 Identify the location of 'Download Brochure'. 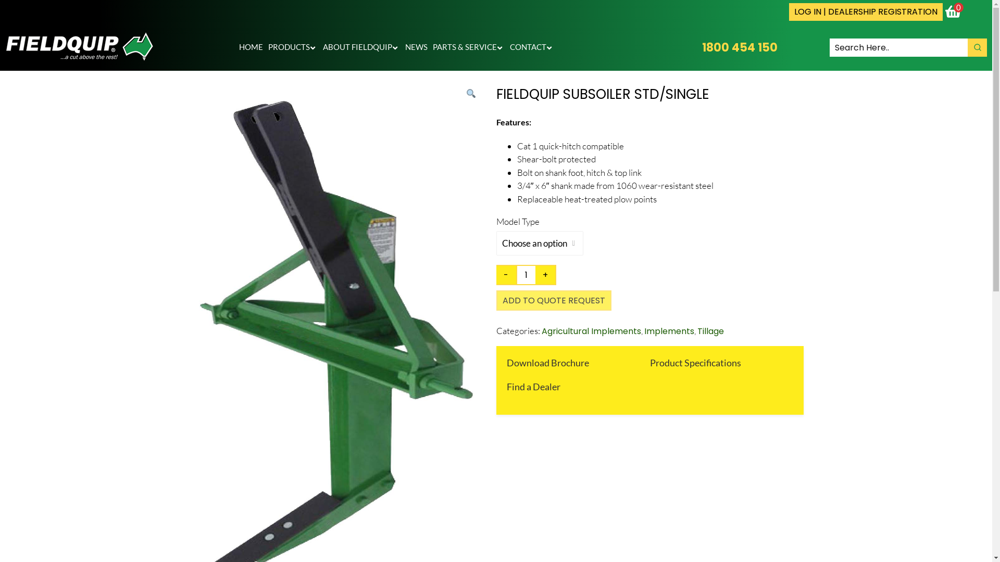
(547, 362).